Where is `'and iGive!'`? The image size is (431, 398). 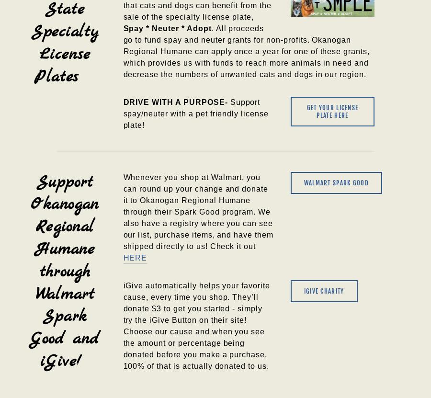 'and iGive!' is located at coordinates (74, 350).